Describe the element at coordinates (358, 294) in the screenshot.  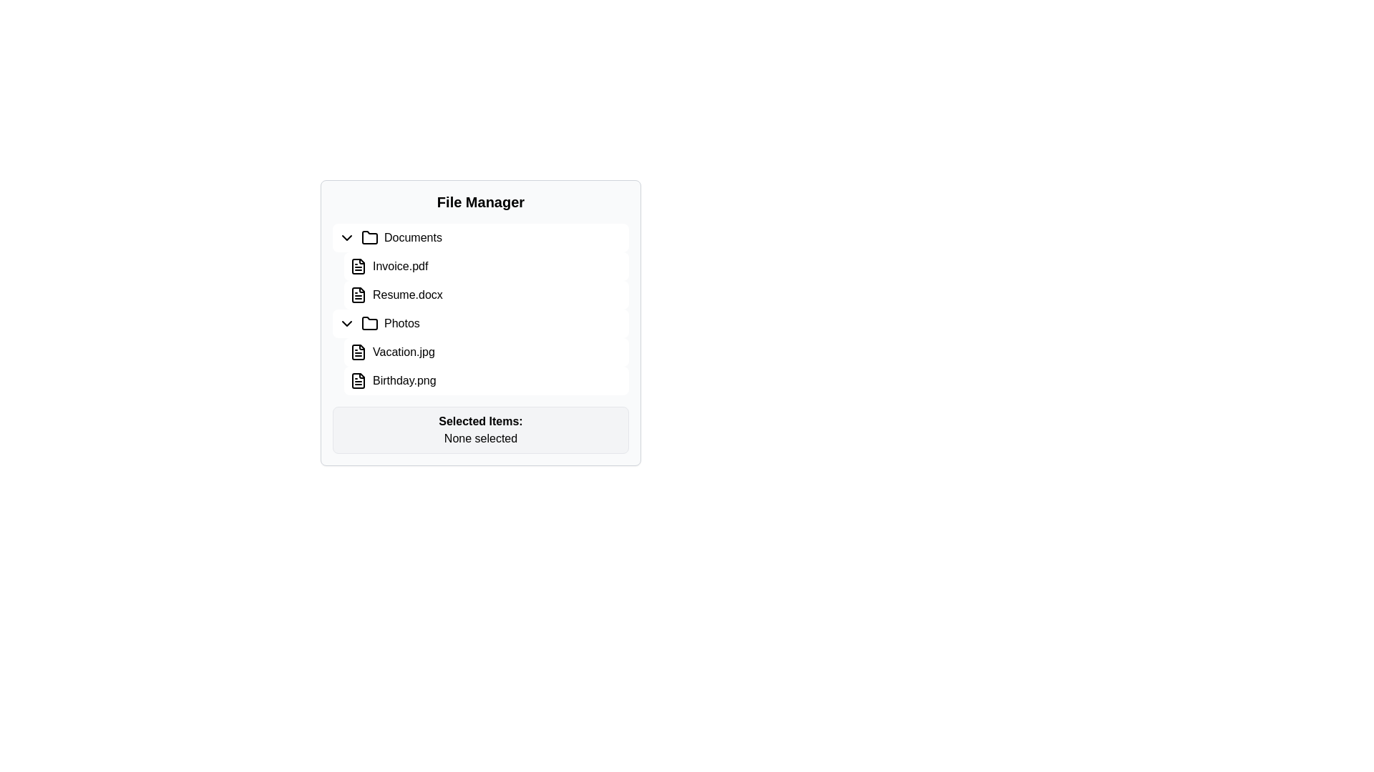
I see `the small icon resembling a text document with a folded corner, located to the left of the 'Resume.docx' label under the 'Documents' section` at that location.